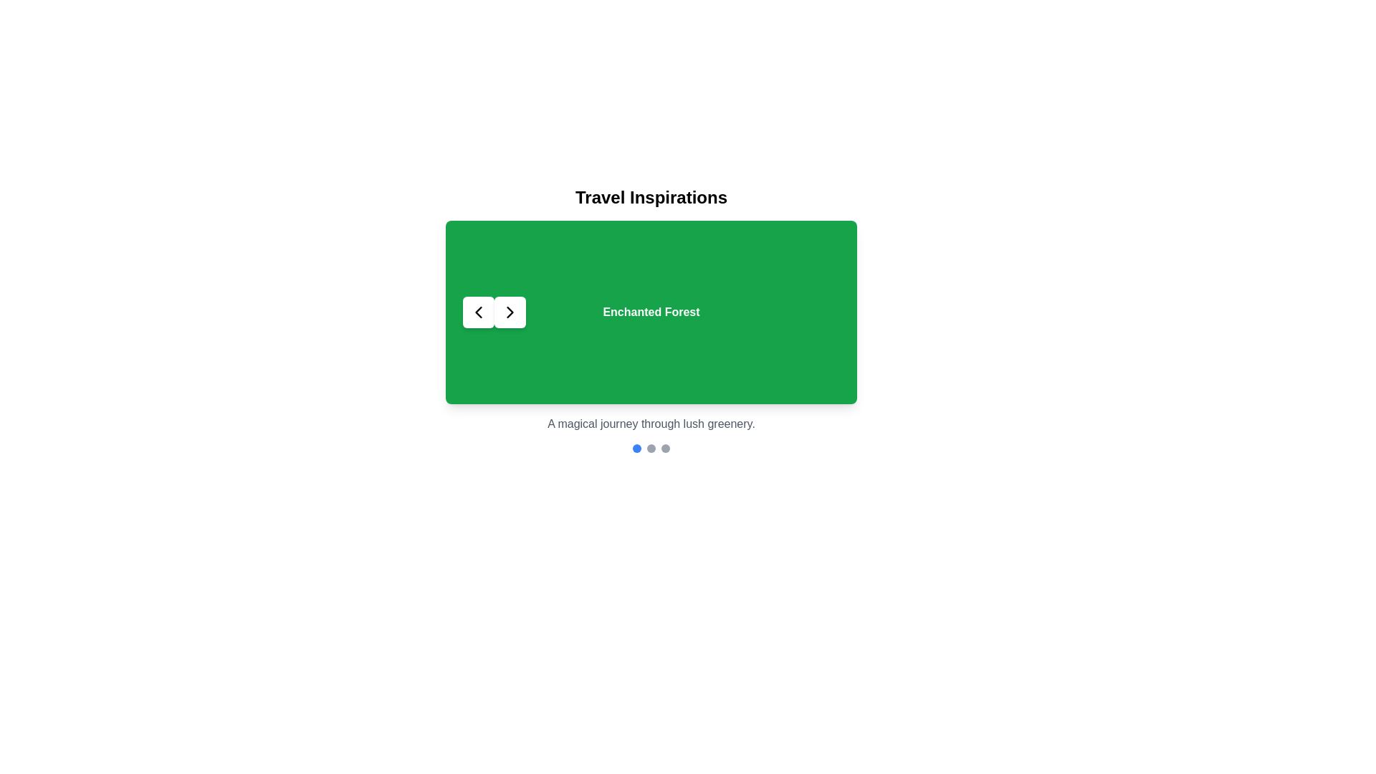 This screenshot has width=1376, height=774. I want to click on the navigation button with an embedded icon located at the top-left corner of the green rectangle, so click(478, 311).